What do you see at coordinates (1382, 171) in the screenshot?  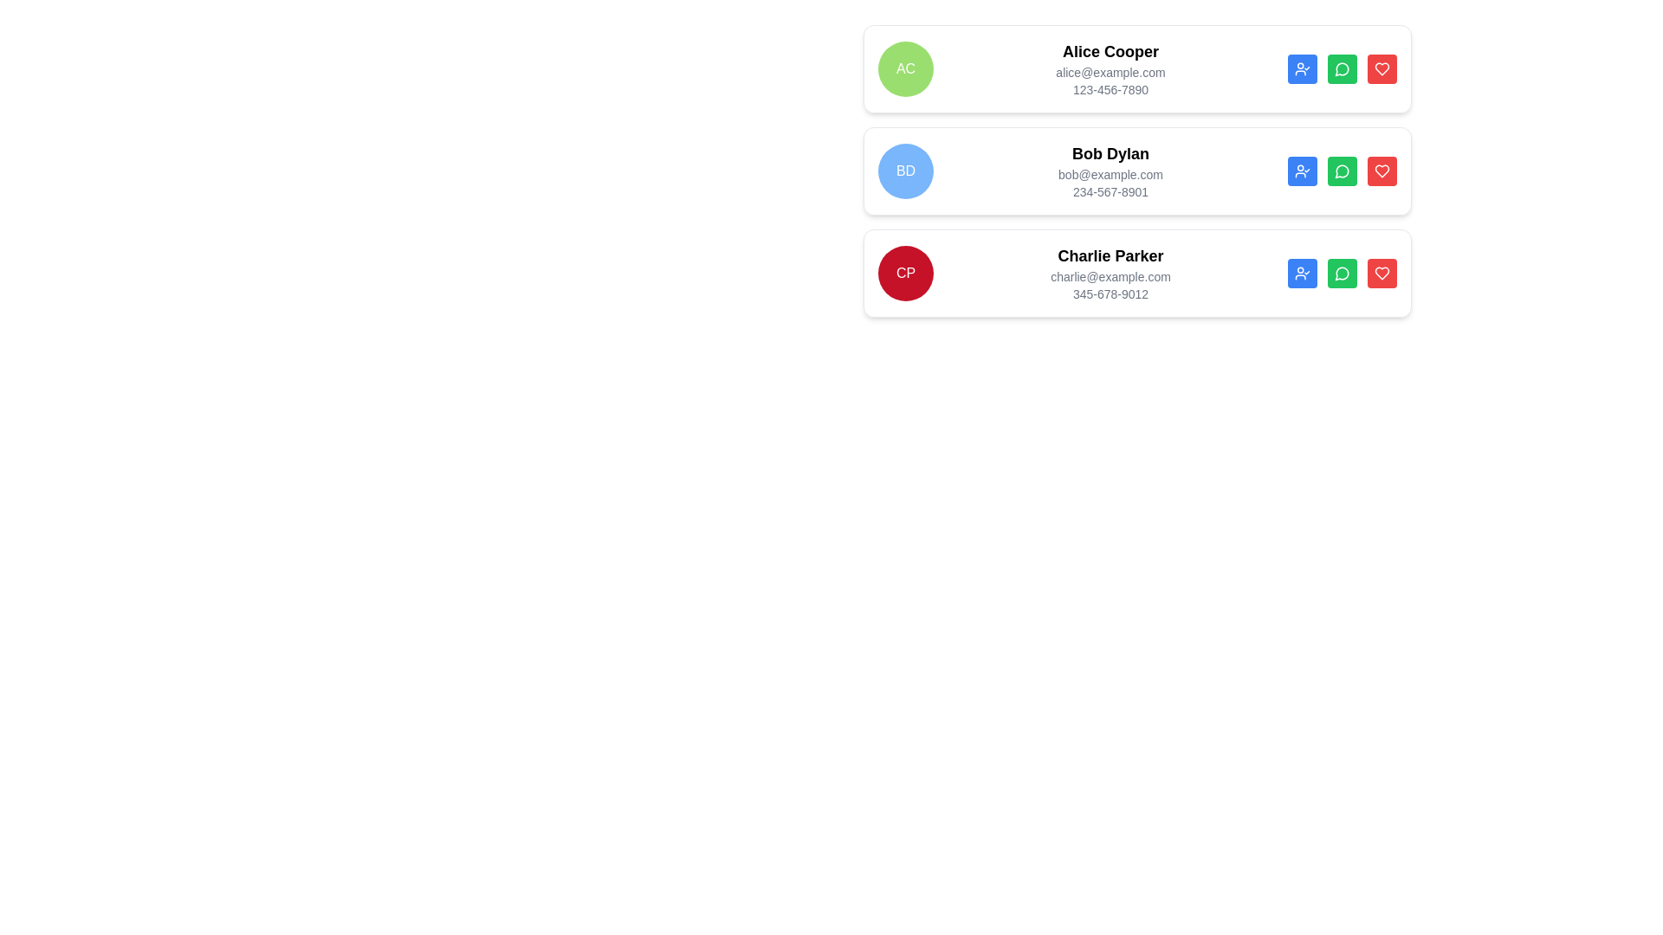 I see `the heart-shaped icon button used for 'like' or 'favorite' on Charlie Parker's user card, located at the far right end of the card` at bounding box center [1382, 171].